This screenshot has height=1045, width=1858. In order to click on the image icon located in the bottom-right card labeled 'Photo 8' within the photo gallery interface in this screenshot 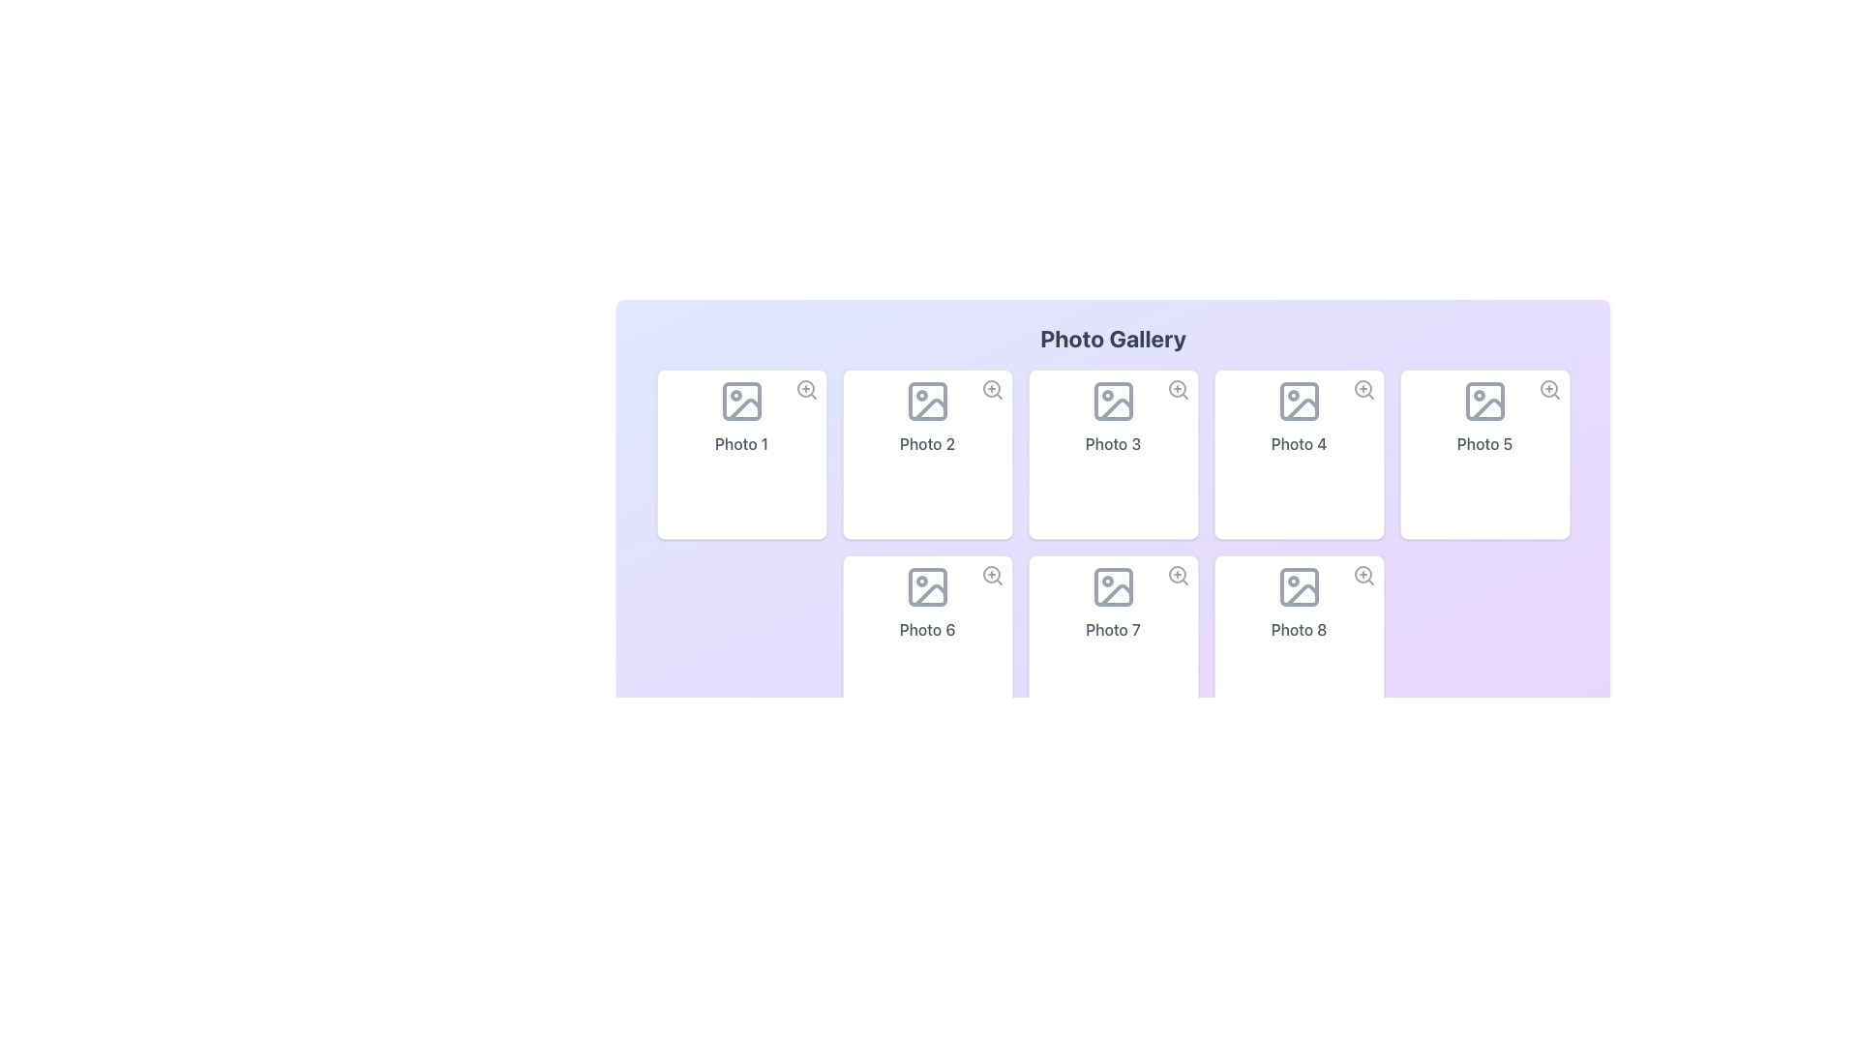, I will do `click(1299, 585)`.